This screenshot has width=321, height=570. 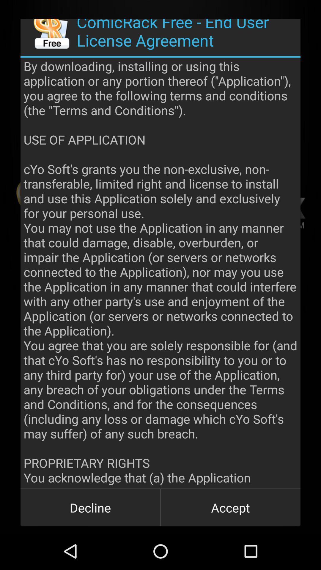 What do you see at coordinates (230, 507) in the screenshot?
I see `the accept` at bounding box center [230, 507].